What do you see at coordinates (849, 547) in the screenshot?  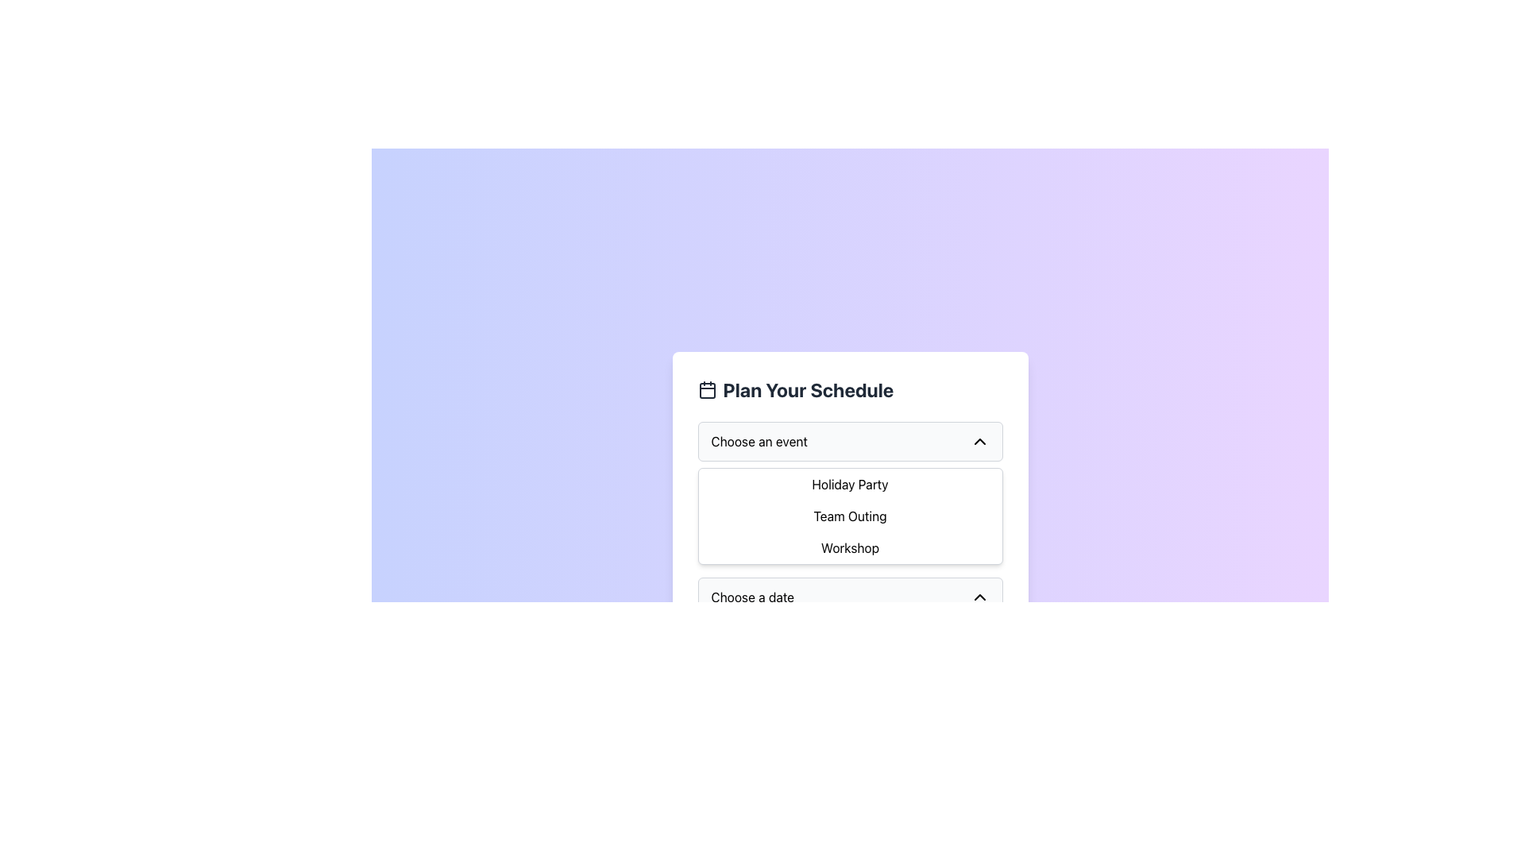 I see `the 'Workshop' option in the dropdown menu to trigger any hover effects` at bounding box center [849, 547].